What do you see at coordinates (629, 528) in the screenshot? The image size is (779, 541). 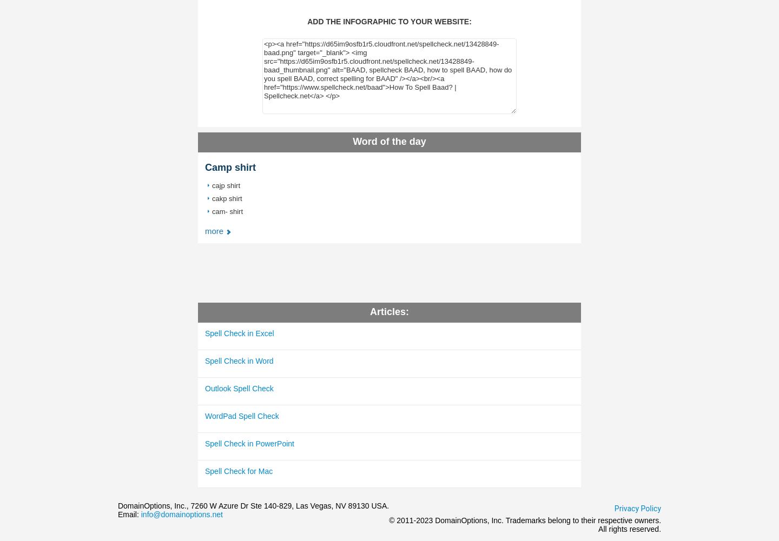 I see `'All rights reserved.'` at bounding box center [629, 528].